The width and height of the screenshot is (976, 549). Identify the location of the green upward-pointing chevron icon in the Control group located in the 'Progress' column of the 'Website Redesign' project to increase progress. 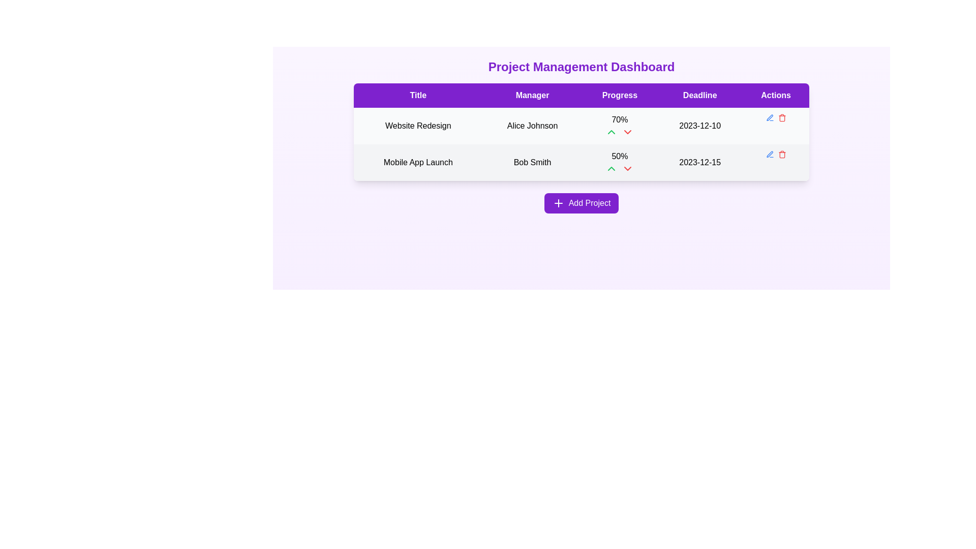
(619, 131).